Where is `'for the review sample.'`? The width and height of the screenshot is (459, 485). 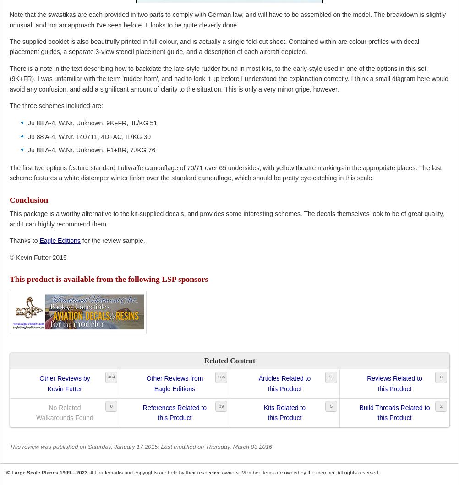
'for the review sample.' is located at coordinates (112, 240).